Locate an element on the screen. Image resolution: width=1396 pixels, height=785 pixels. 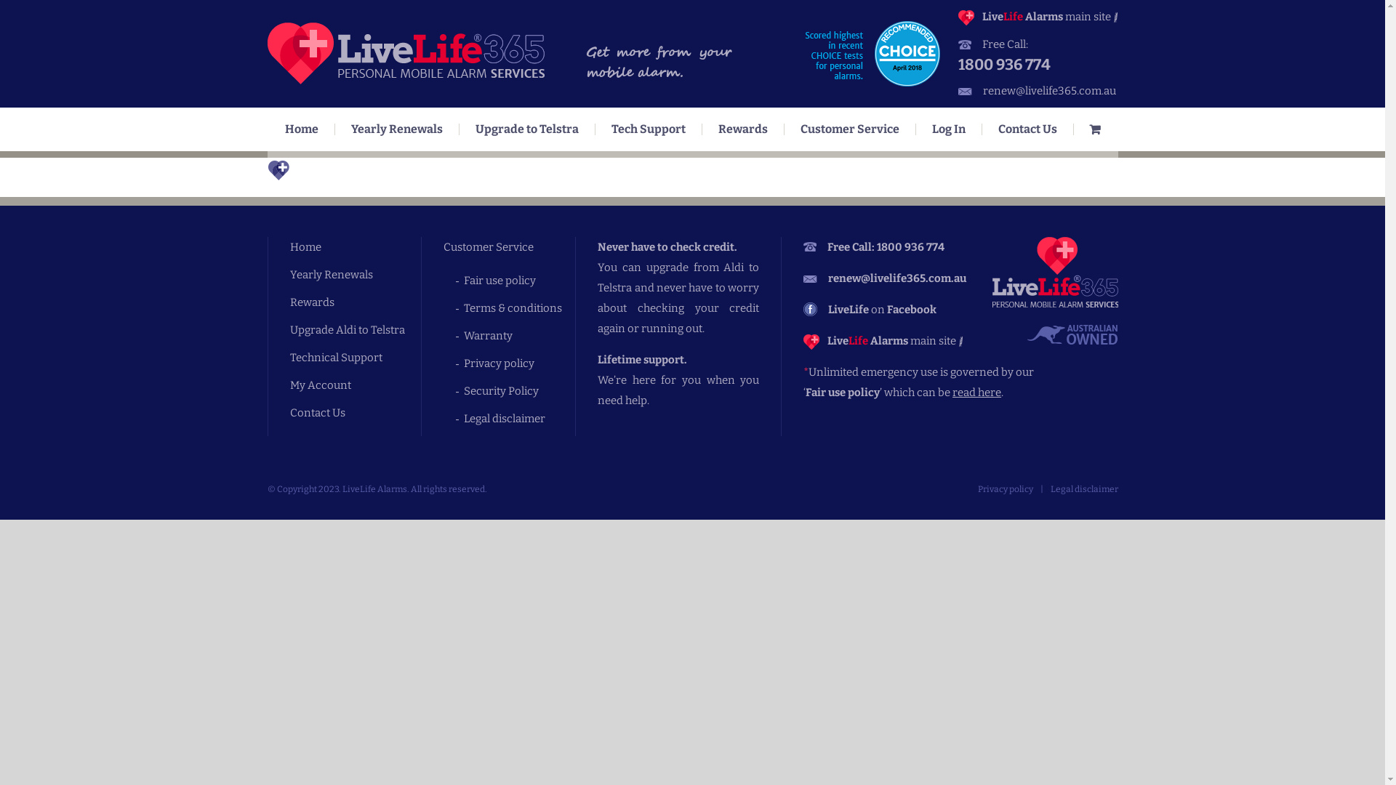
'Terms & conditions' is located at coordinates (519, 307).